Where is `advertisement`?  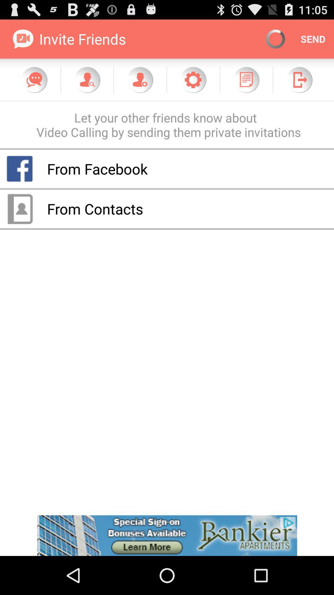 advertisement is located at coordinates (167, 535).